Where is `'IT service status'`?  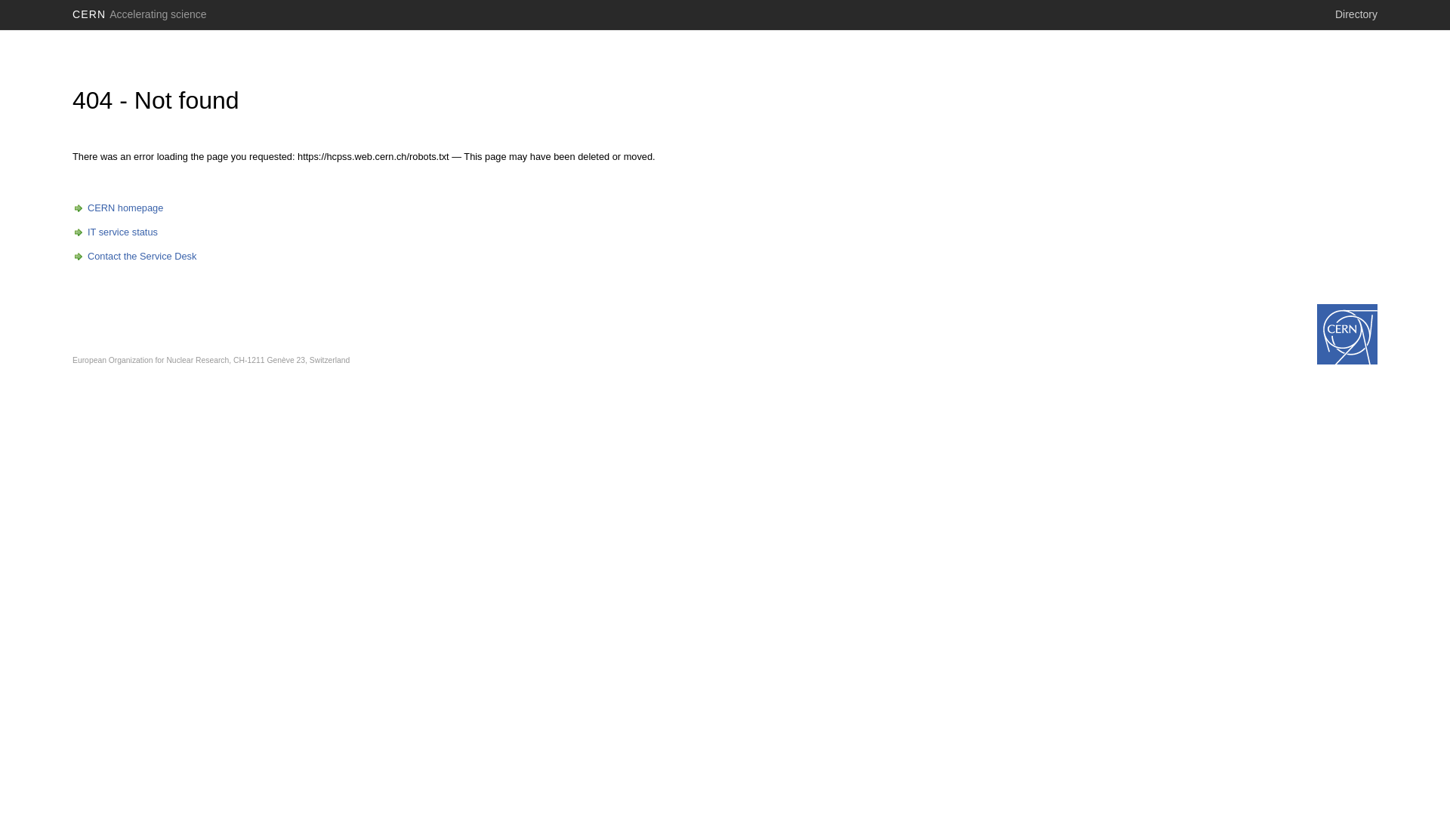
'IT service status' is located at coordinates (114, 232).